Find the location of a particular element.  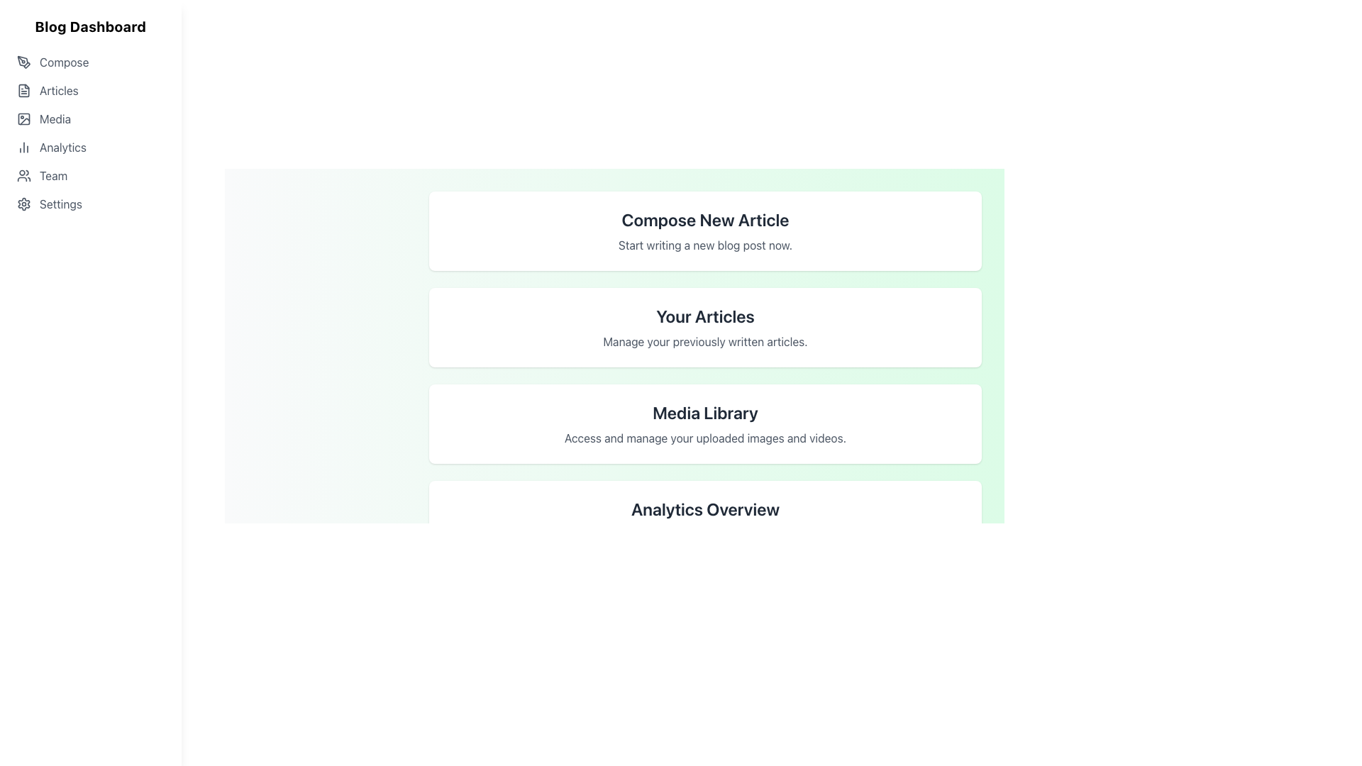

the third card in the vertical sequence is located at coordinates (705, 423).